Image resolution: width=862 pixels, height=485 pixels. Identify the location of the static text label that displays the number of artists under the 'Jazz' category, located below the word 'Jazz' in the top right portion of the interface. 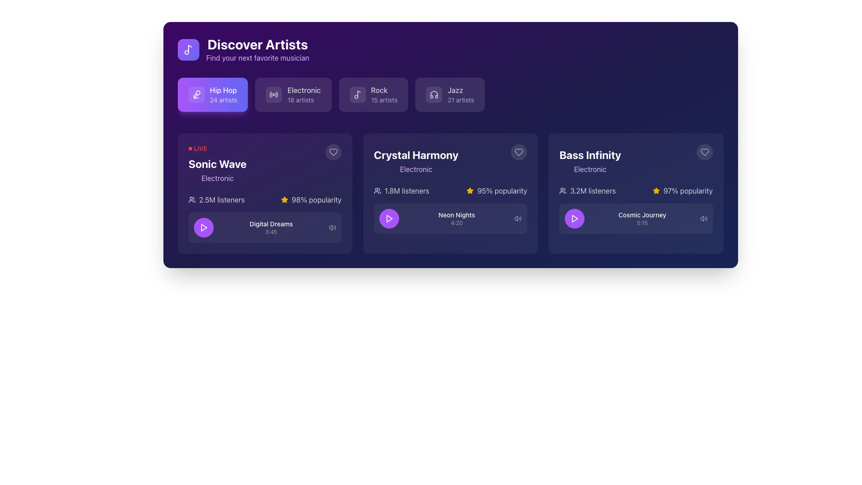
(461, 100).